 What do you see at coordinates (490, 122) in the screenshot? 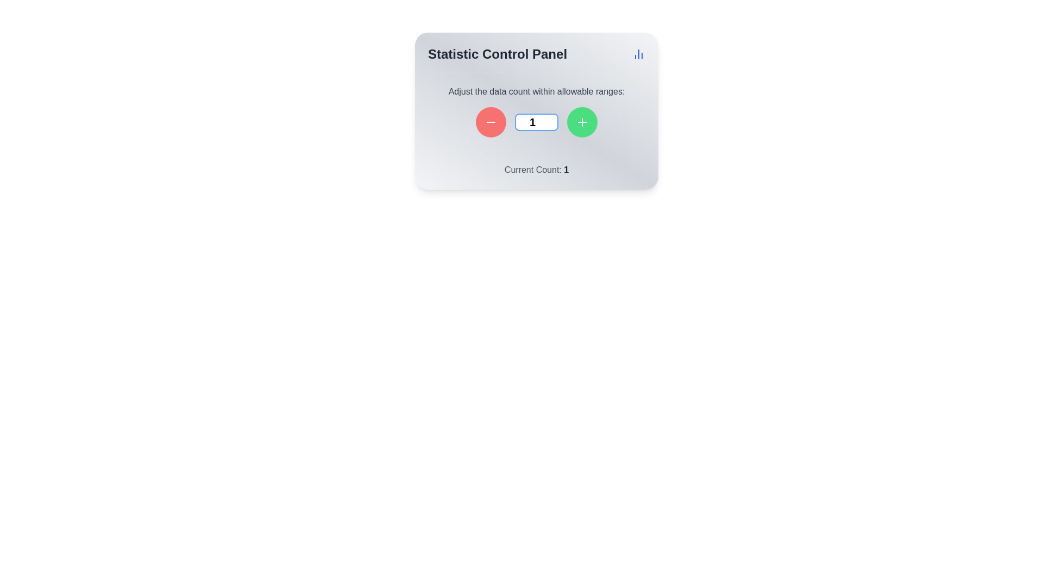
I see `the decrement button, which is the leftmost in a horizontal arrangement of three controls` at bounding box center [490, 122].